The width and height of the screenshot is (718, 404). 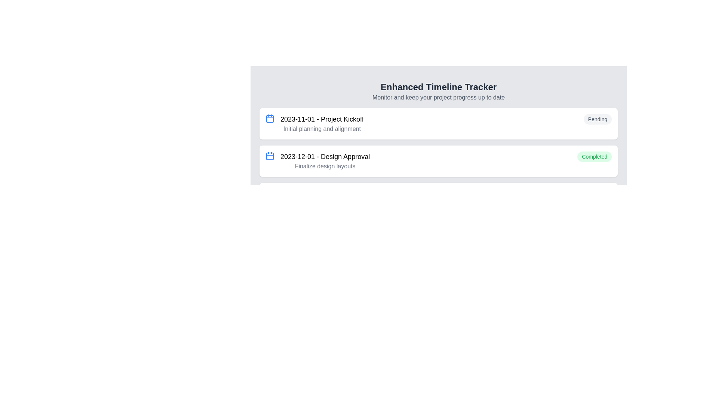 I want to click on the 'Pending' badge element, so click(x=597, y=119).